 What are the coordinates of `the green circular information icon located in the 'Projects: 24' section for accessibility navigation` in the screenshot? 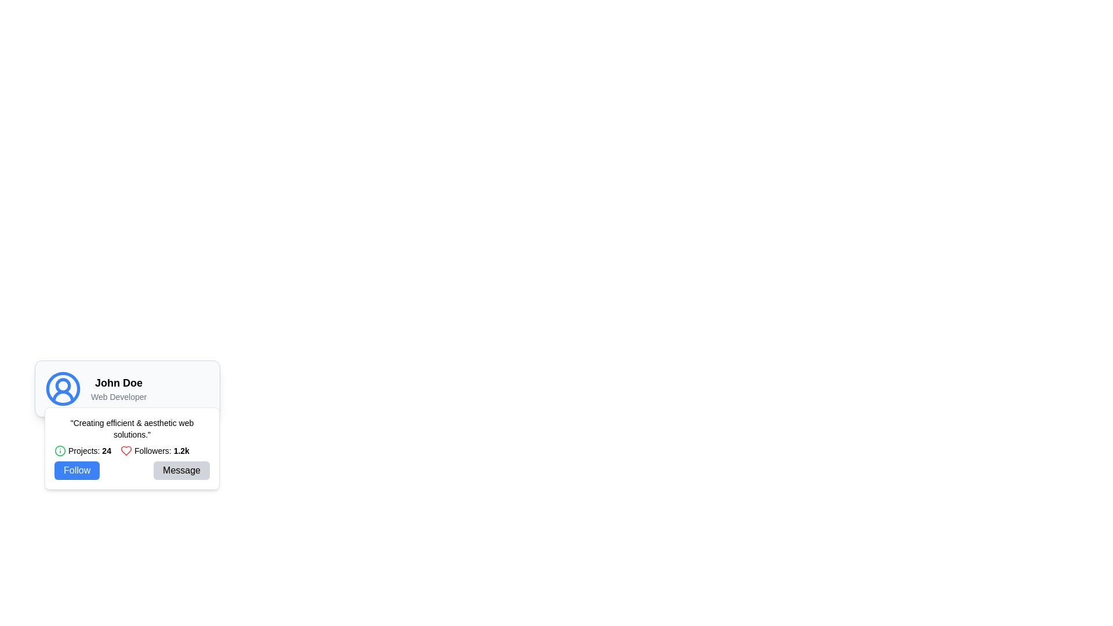 It's located at (60, 450).